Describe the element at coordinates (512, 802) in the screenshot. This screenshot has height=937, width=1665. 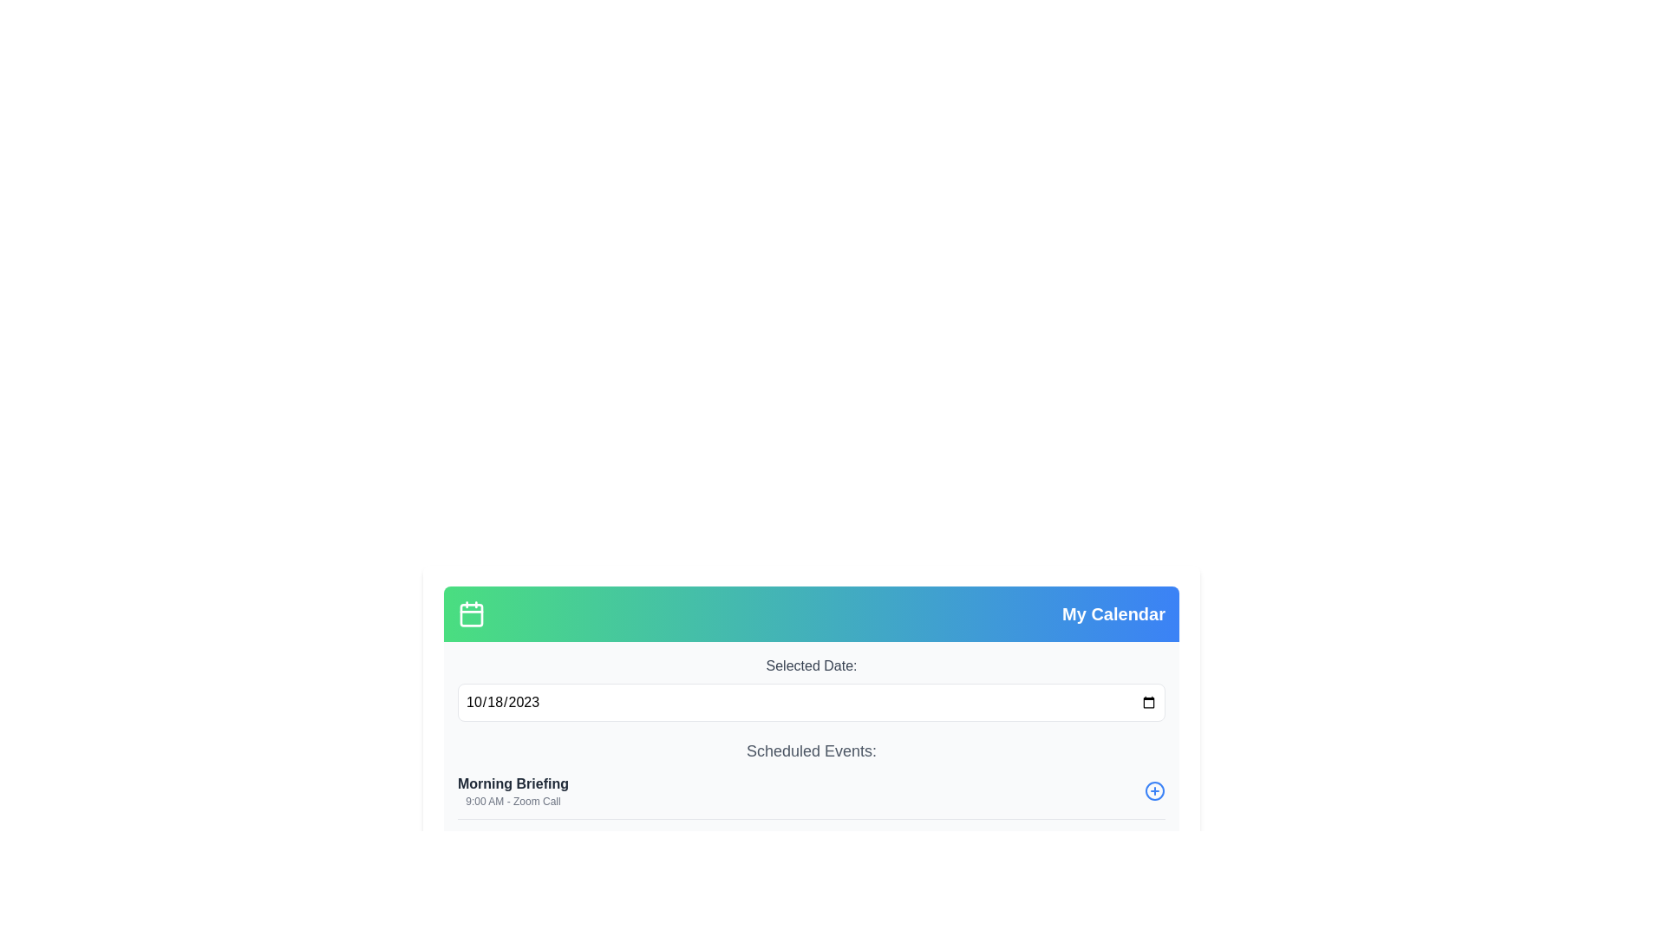
I see `scheduled time and medium (Zoom) information from the text label positioned below 'Morning Briefing' in the 'Scheduled Events' section` at that location.